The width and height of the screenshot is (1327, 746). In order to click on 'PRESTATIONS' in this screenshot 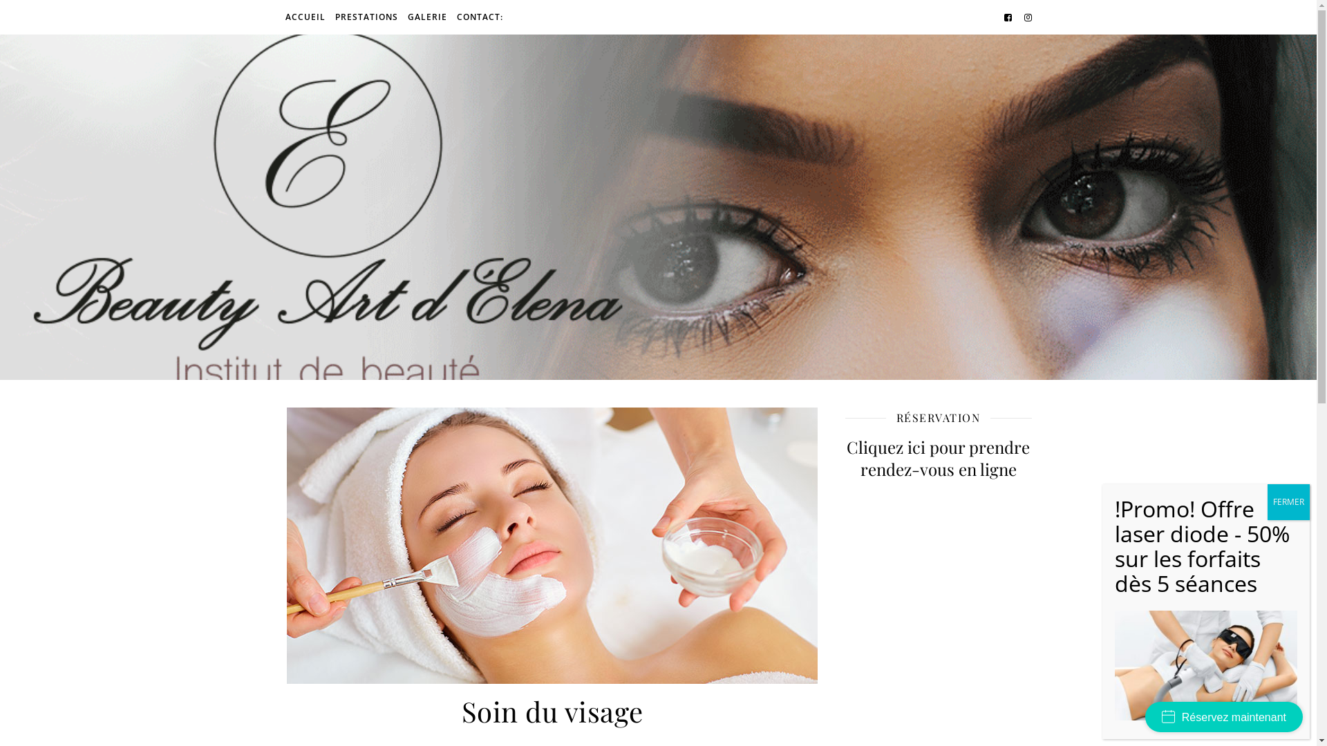, I will do `click(366, 17)`.